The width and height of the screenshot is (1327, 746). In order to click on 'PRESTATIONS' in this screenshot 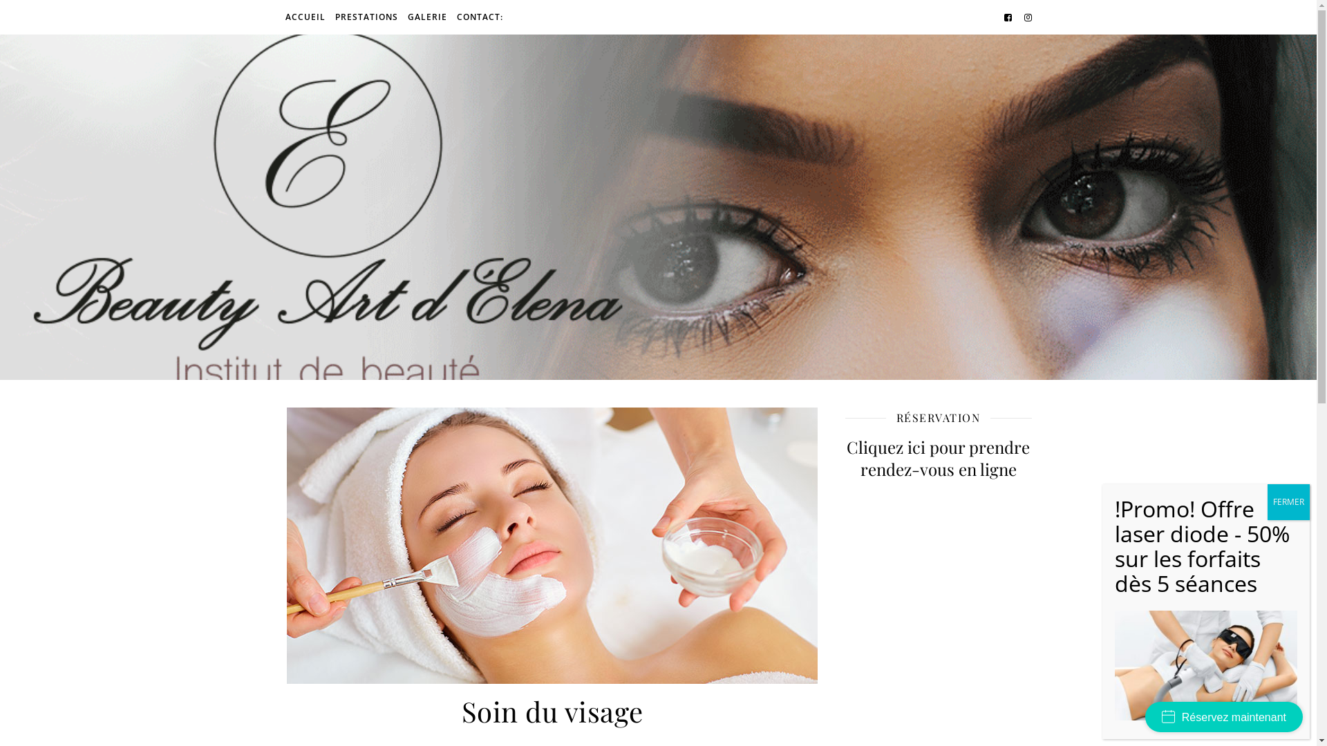, I will do `click(366, 17)`.